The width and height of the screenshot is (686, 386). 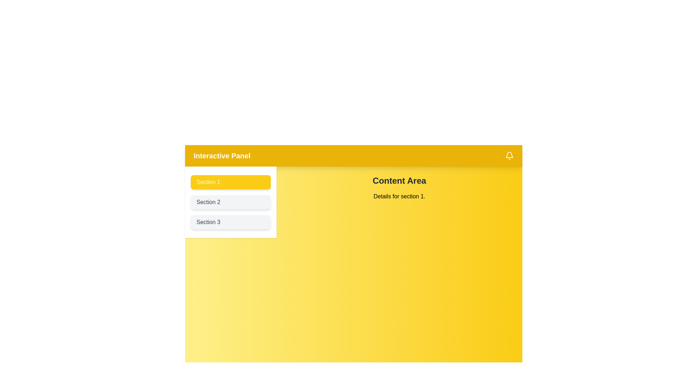 What do you see at coordinates (231, 202) in the screenshot?
I see `the 'Section 2' button` at bounding box center [231, 202].